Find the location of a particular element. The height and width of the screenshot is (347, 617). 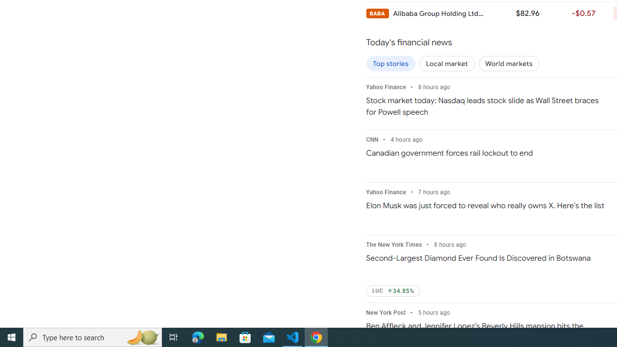

'World markets' is located at coordinates (508, 64).